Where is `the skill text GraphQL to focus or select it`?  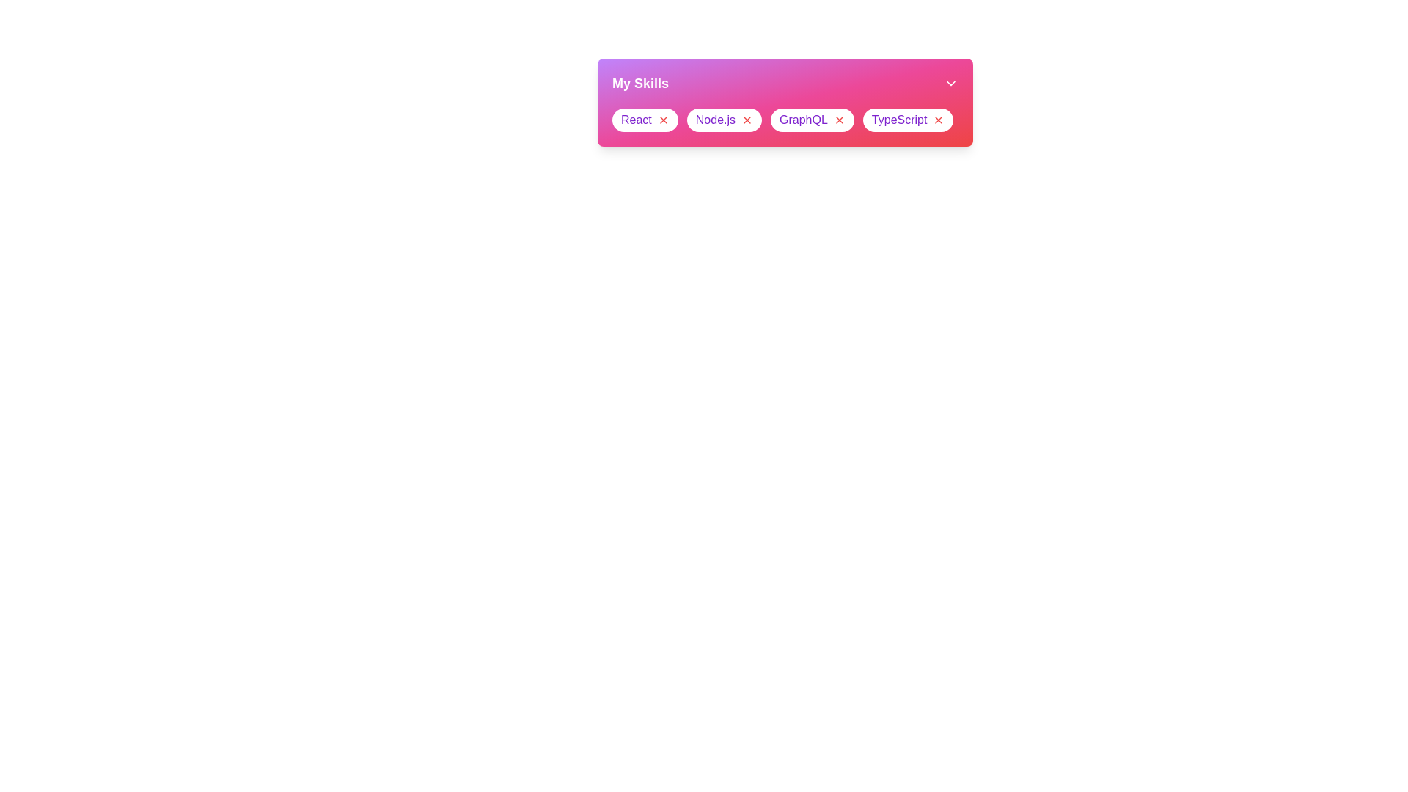 the skill text GraphQL to focus or select it is located at coordinates (802, 120).